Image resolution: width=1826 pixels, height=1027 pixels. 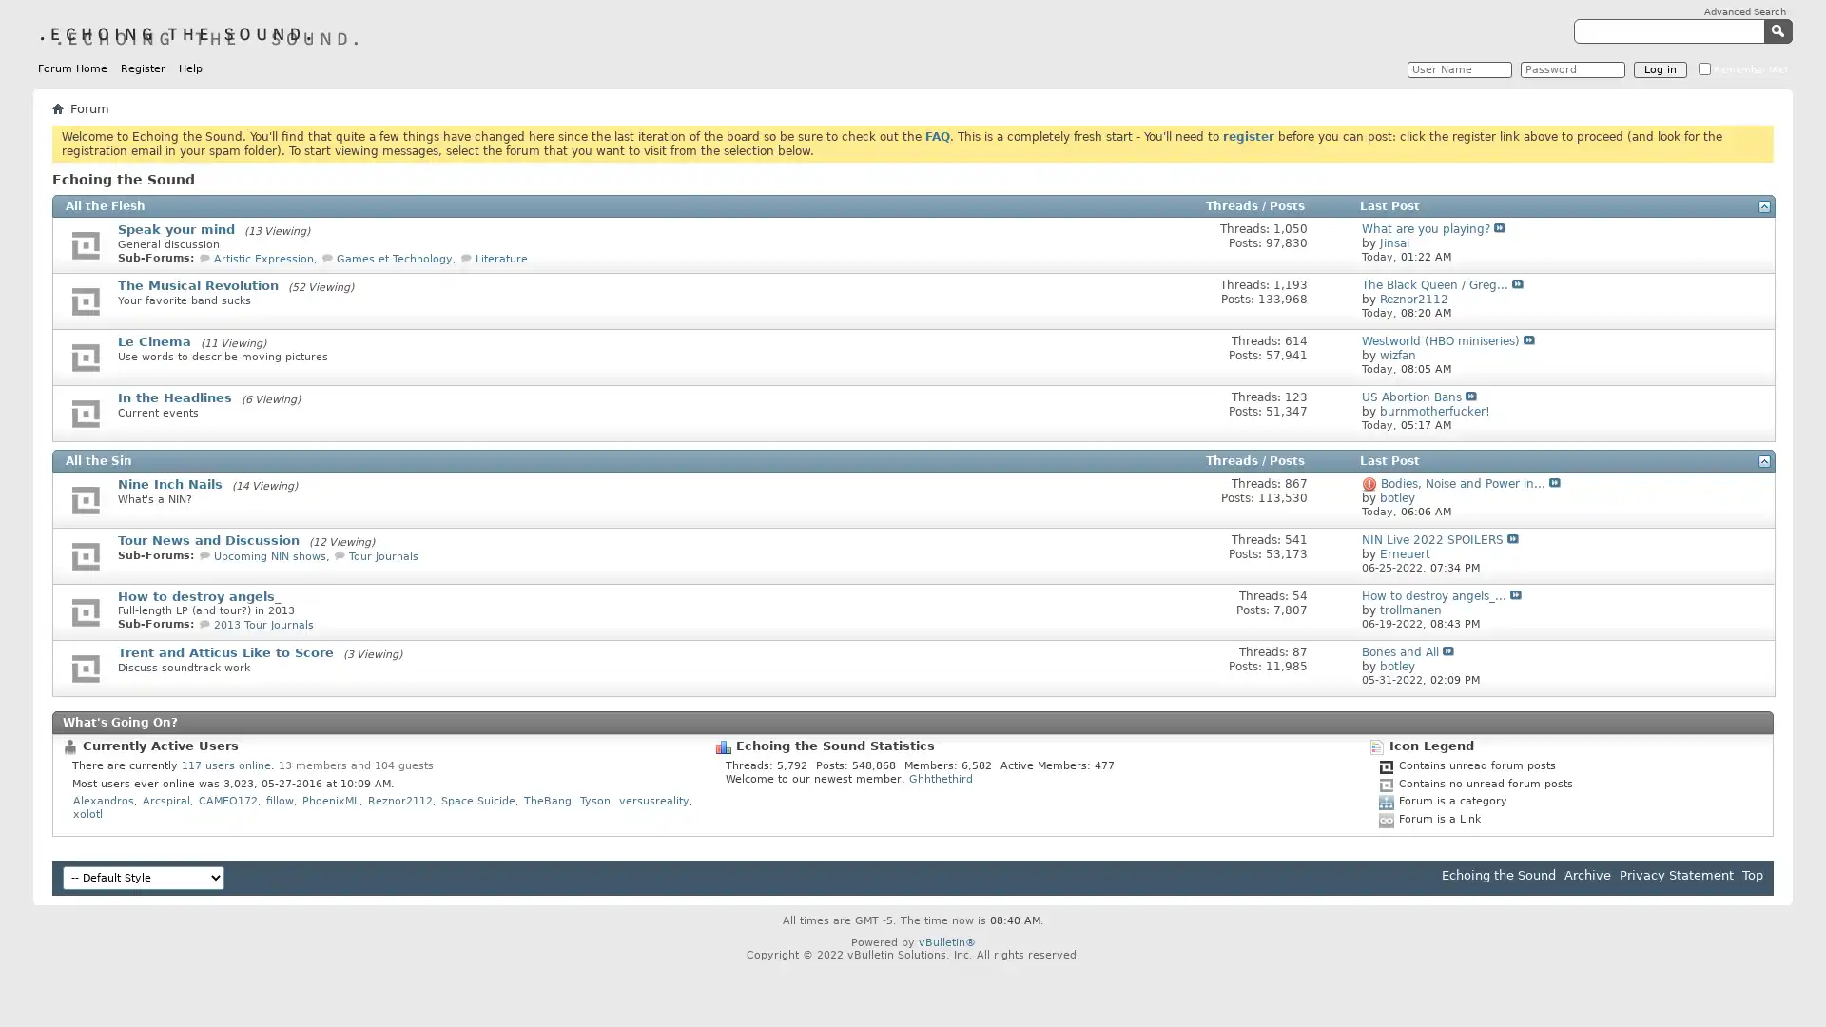 What do you see at coordinates (1660, 68) in the screenshot?
I see `Log in` at bounding box center [1660, 68].